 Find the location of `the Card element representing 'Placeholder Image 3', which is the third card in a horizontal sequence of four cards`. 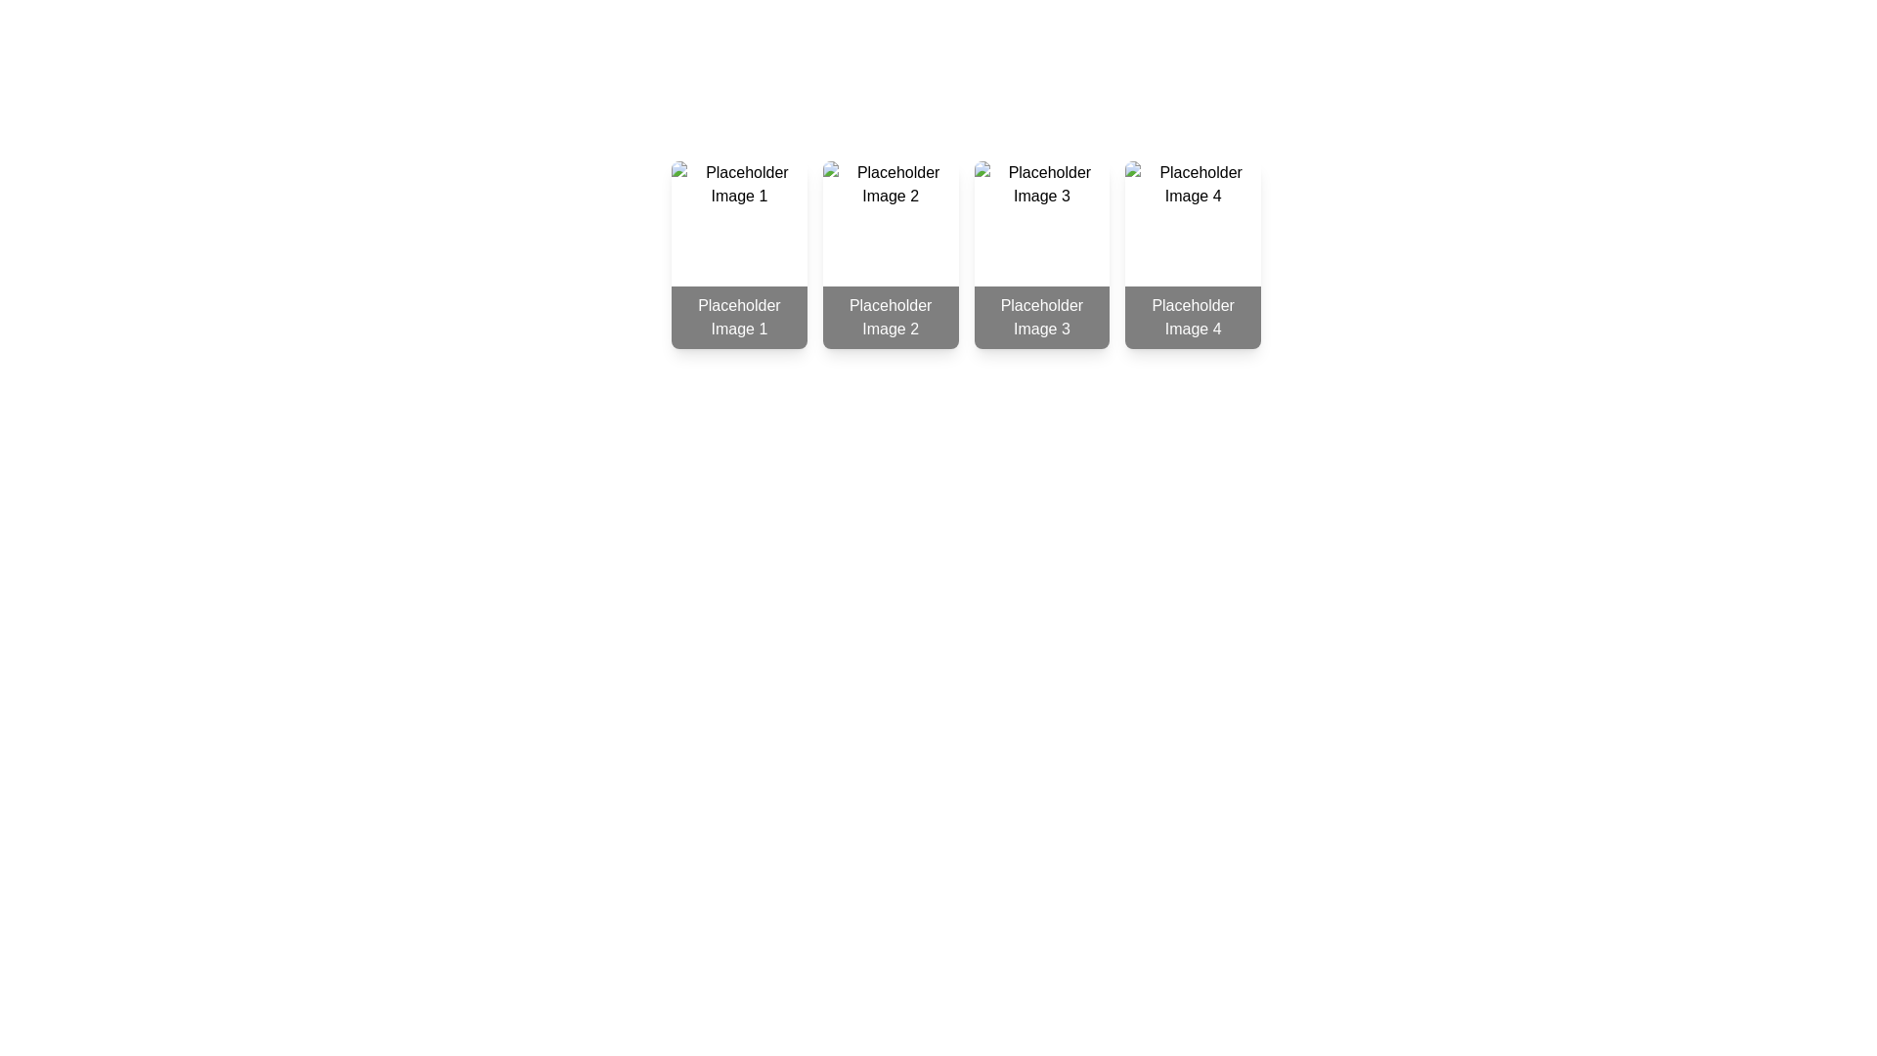

the Card element representing 'Placeholder Image 3', which is the third card in a horizontal sequence of four cards is located at coordinates (1040, 254).